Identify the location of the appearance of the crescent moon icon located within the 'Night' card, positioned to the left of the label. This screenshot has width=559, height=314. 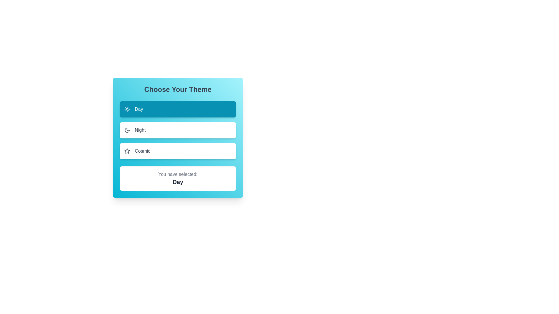
(127, 130).